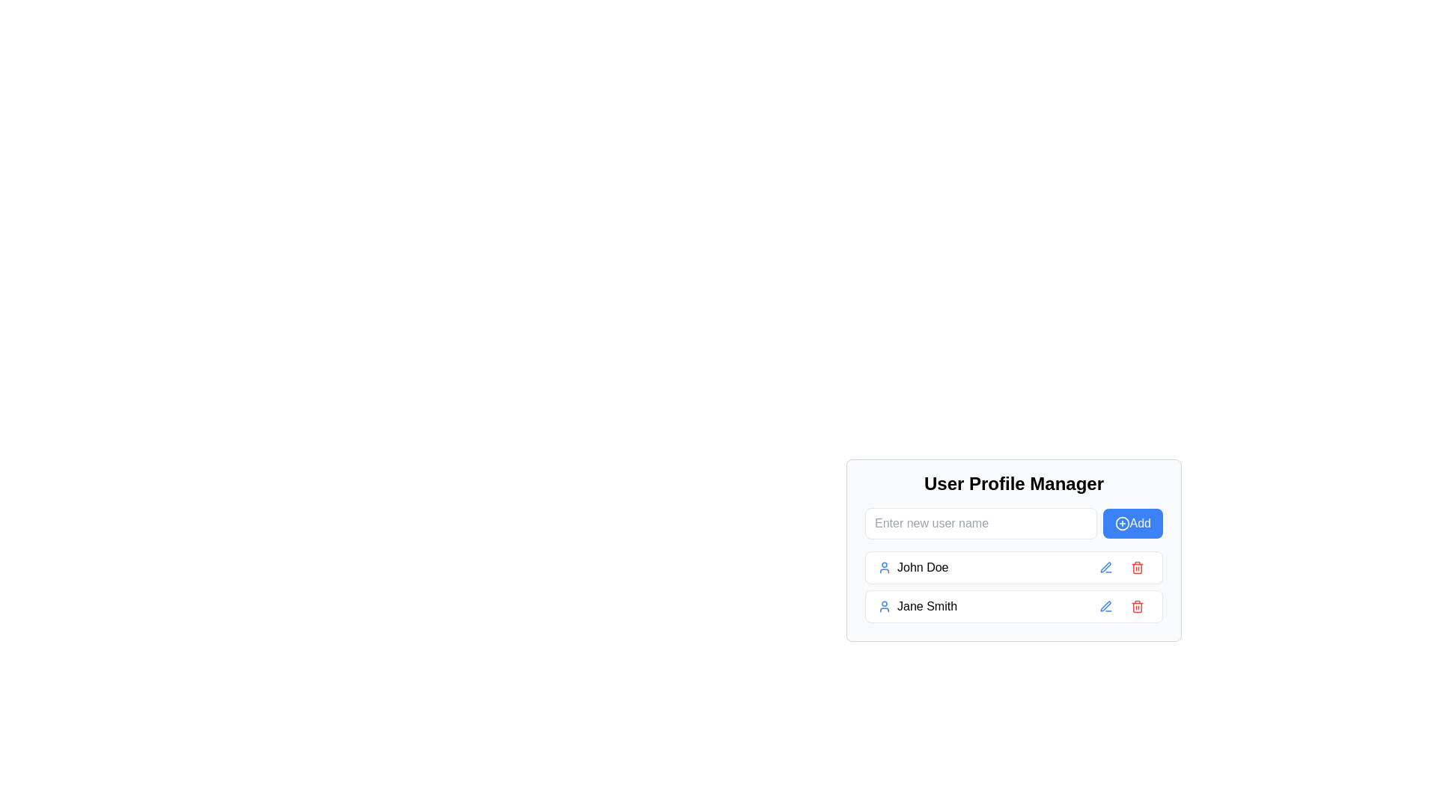 This screenshot has width=1437, height=808. What do you see at coordinates (1106, 606) in the screenshot?
I see `the 'Edit' icon button located to the right of 'Jane Smith' in the user management card` at bounding box center [1106, 606].